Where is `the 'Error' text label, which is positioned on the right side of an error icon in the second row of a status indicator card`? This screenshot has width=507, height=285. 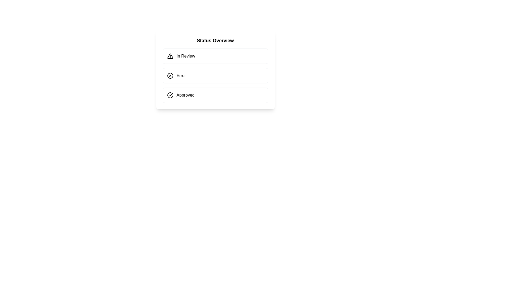 the 'Error' text label, which is positioned on the right side of an error icon in the second row of a status indicator card is located at coordinates (181, 75).